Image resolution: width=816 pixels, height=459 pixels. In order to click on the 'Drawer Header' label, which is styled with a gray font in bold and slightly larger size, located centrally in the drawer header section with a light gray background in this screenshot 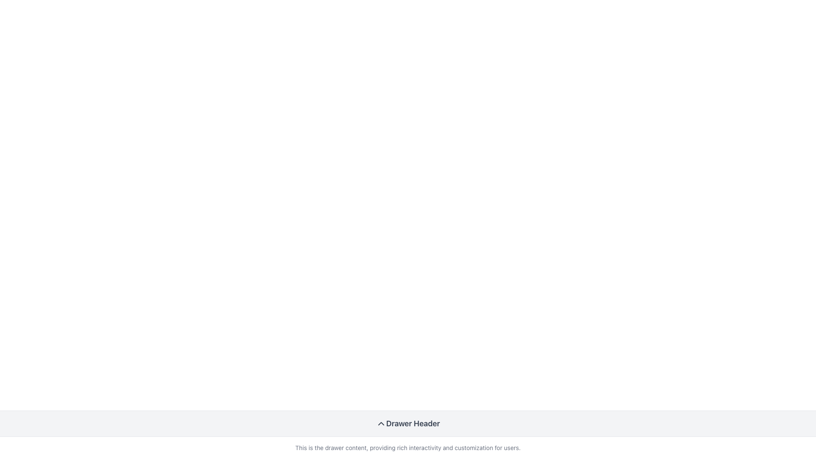, I will do `click(413, 423)`.